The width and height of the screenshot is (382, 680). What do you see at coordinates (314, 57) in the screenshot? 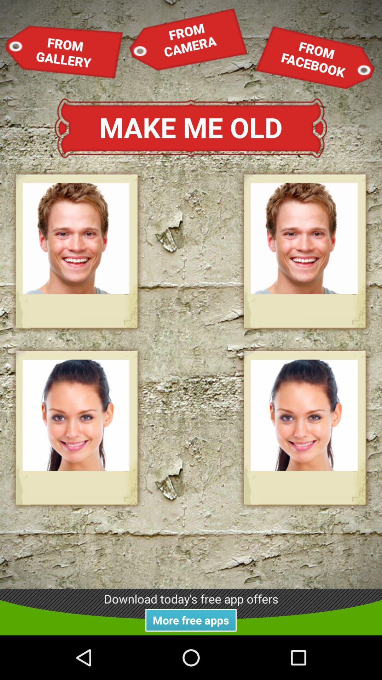
I see `item next to from` at bounding box center [314, 57].